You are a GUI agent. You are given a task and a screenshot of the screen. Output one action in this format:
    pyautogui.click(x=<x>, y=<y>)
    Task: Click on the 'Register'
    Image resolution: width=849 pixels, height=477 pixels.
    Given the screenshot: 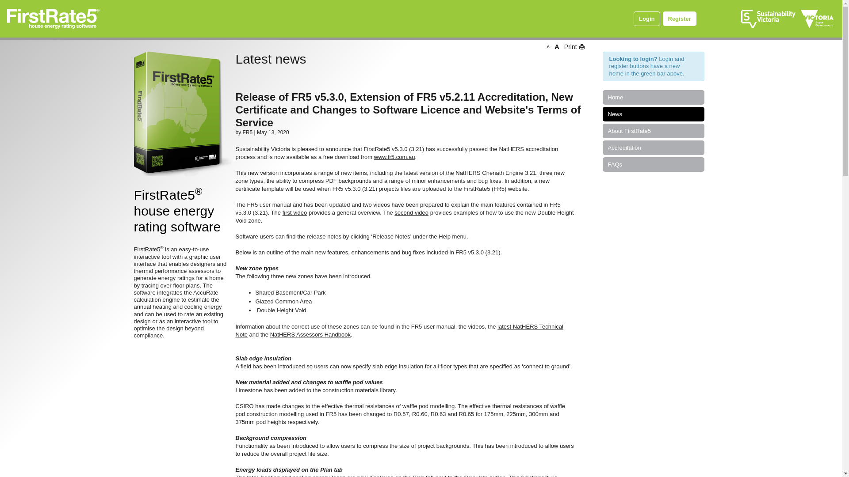 What is the action you would take?
    pyautogui.click(x=679, y=19)
    